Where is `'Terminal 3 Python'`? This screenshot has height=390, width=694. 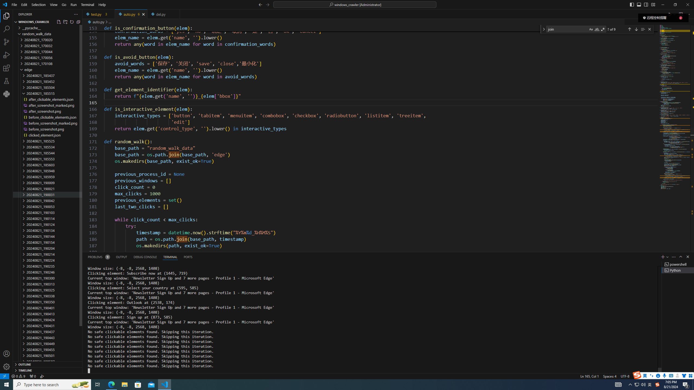
'Terminal 3 Python' is located at coordinates (678, 270).